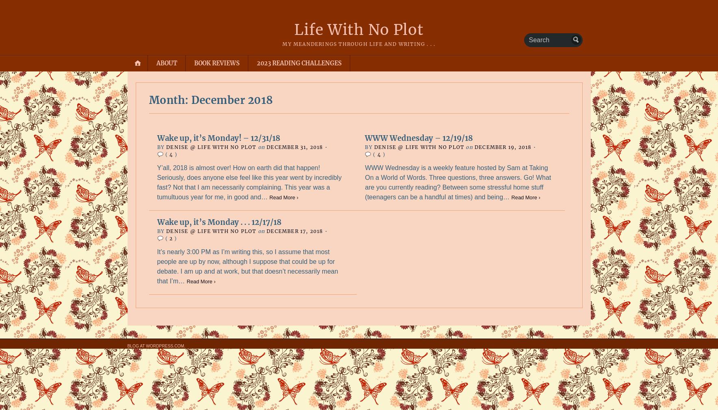 The image size is (718, 410). What do you see at coordinates (156, 138) in the screenshot?
I see `'Wake up, it’s Monday! – 12/31/18'` at bounding box center [156, 138].